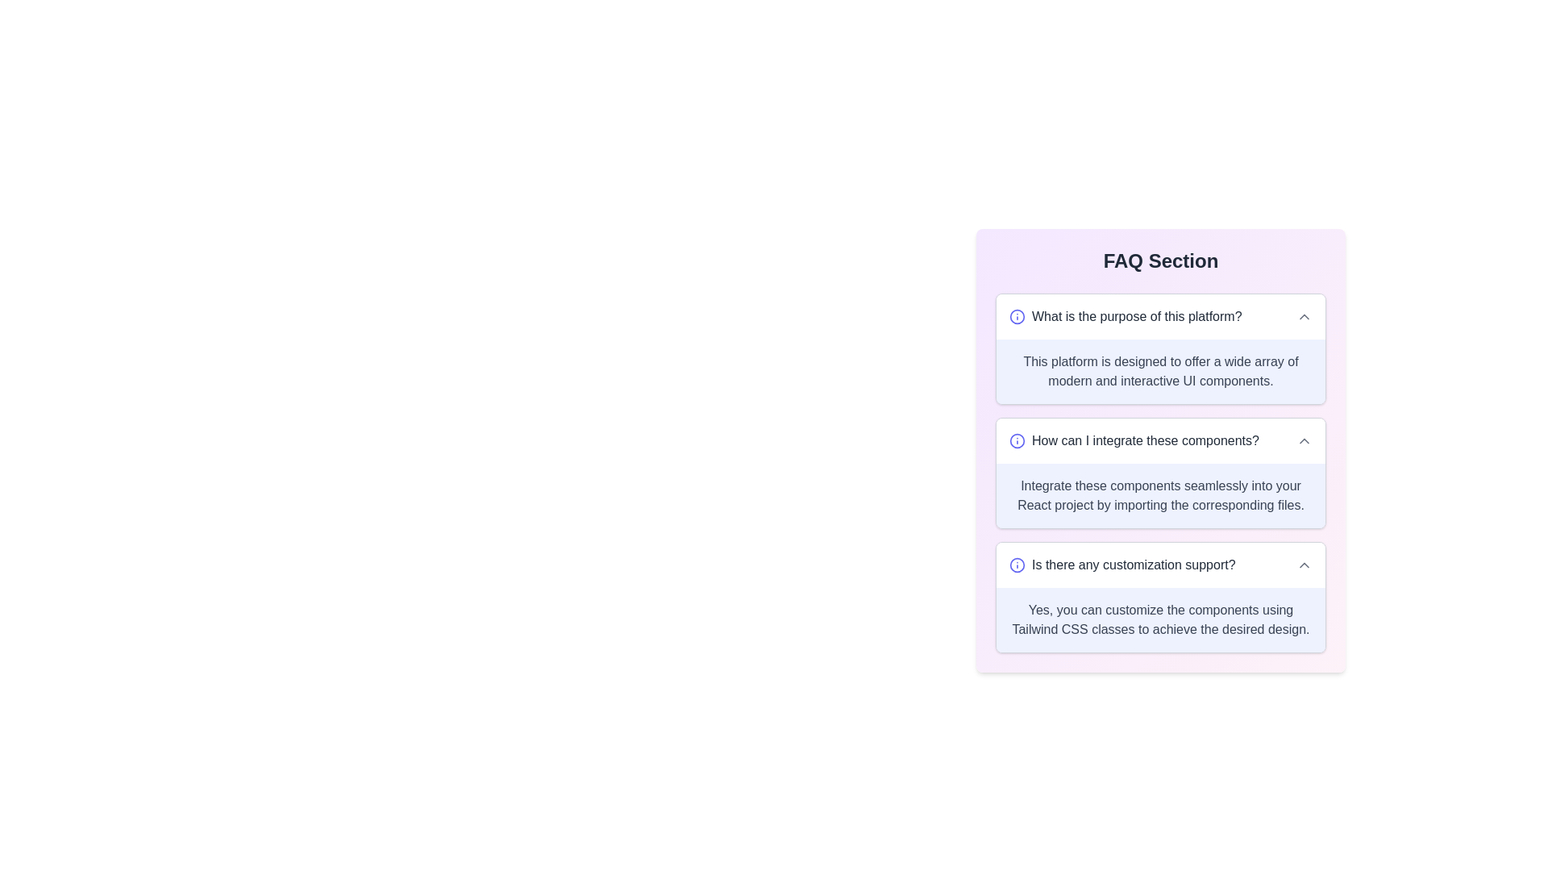 The image size is (1548, 871). Describe the element at coordinates (1125, 317) in the screenshot. I see `the icon in the FAQ entry header` at that location.